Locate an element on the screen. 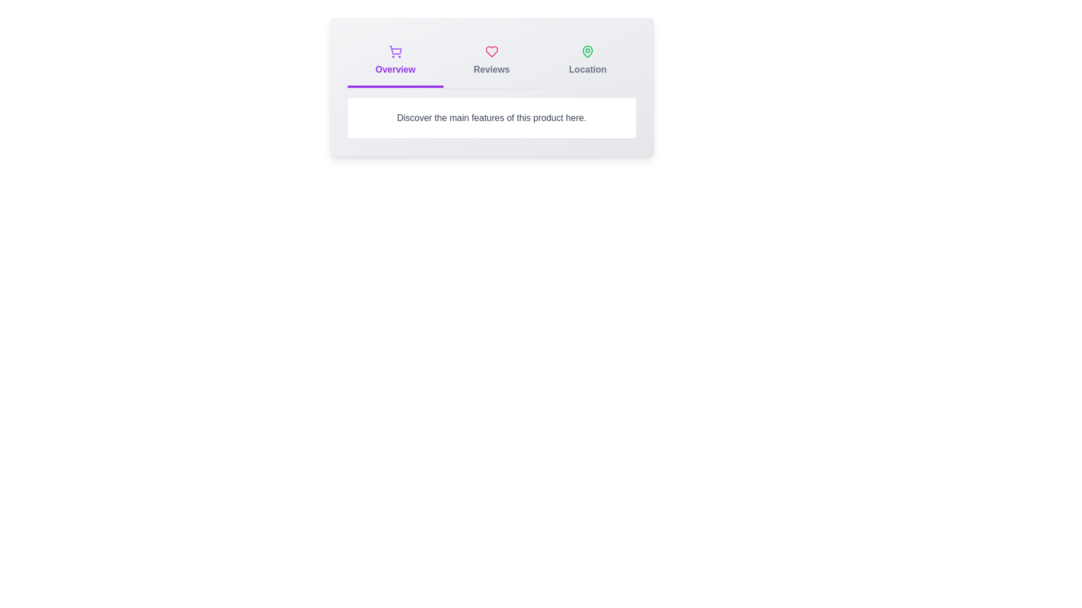 The width and height of the screenshot is (1082, 608). the tab labeled Reviews to switch to the corresponding tab is located at coordinates (491, 62).